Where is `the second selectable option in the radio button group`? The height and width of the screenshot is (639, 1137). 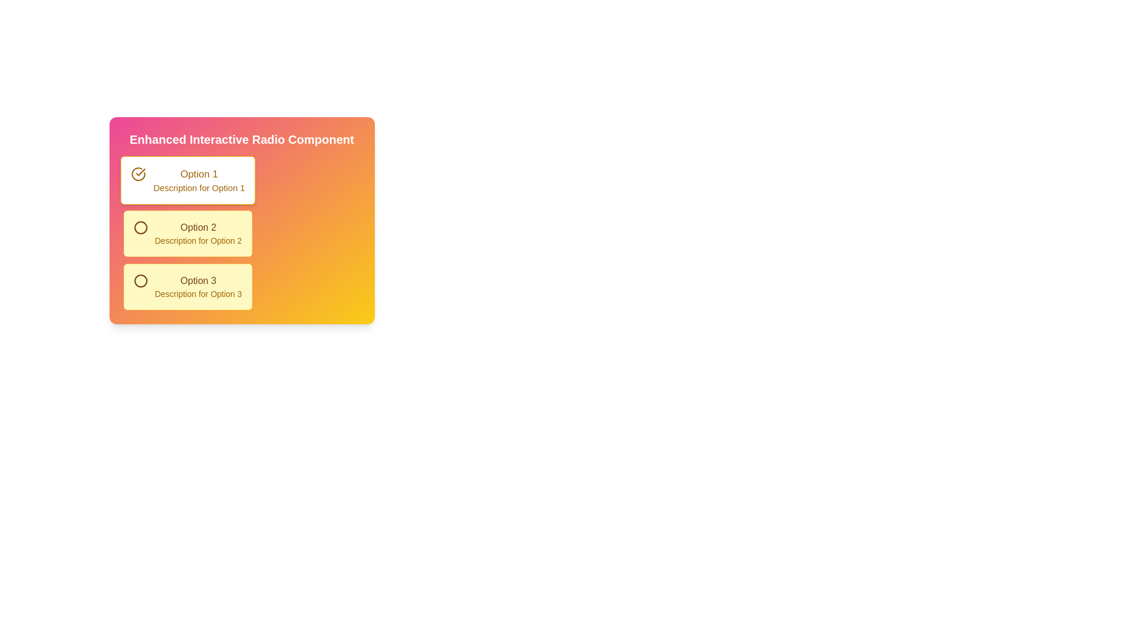
the second selectable option in the radio button group is located at coordinates (241, 233).